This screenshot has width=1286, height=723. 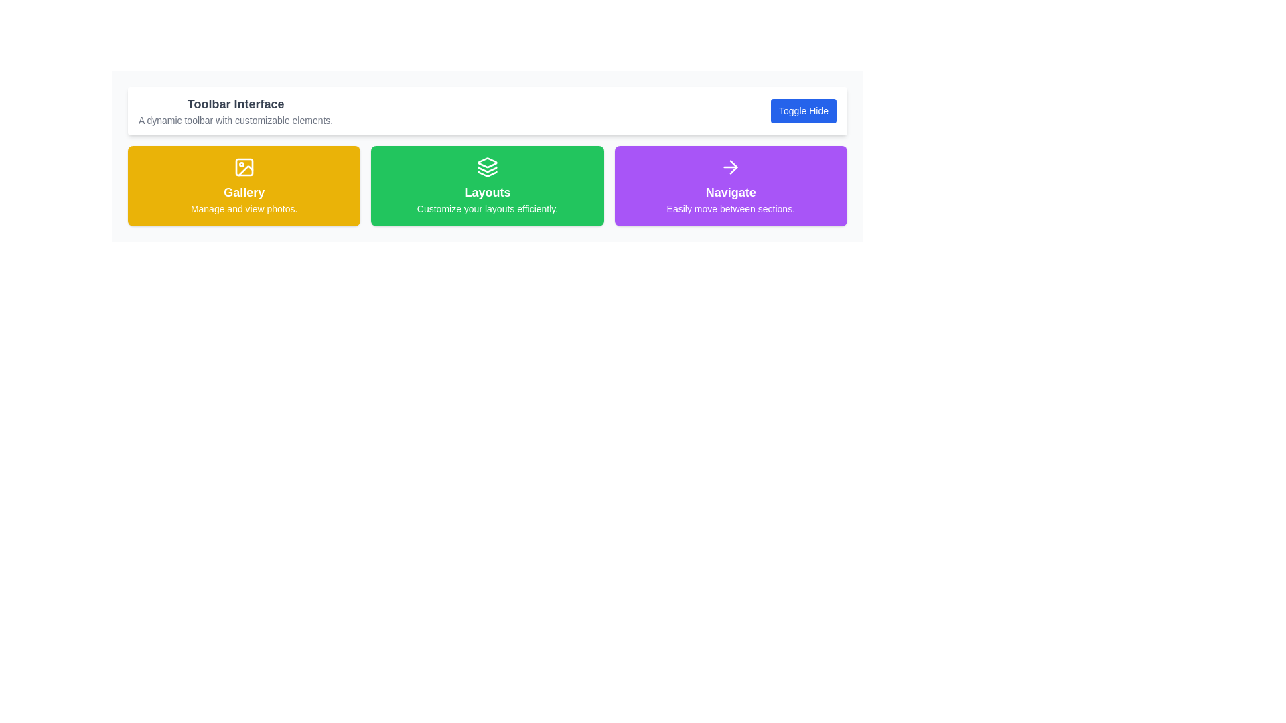 I want to click on the diamond-shaped icon located within the green card labeled 'Layouts', which is positioned slightly above the text inside the card, so click(x=487, y=162).